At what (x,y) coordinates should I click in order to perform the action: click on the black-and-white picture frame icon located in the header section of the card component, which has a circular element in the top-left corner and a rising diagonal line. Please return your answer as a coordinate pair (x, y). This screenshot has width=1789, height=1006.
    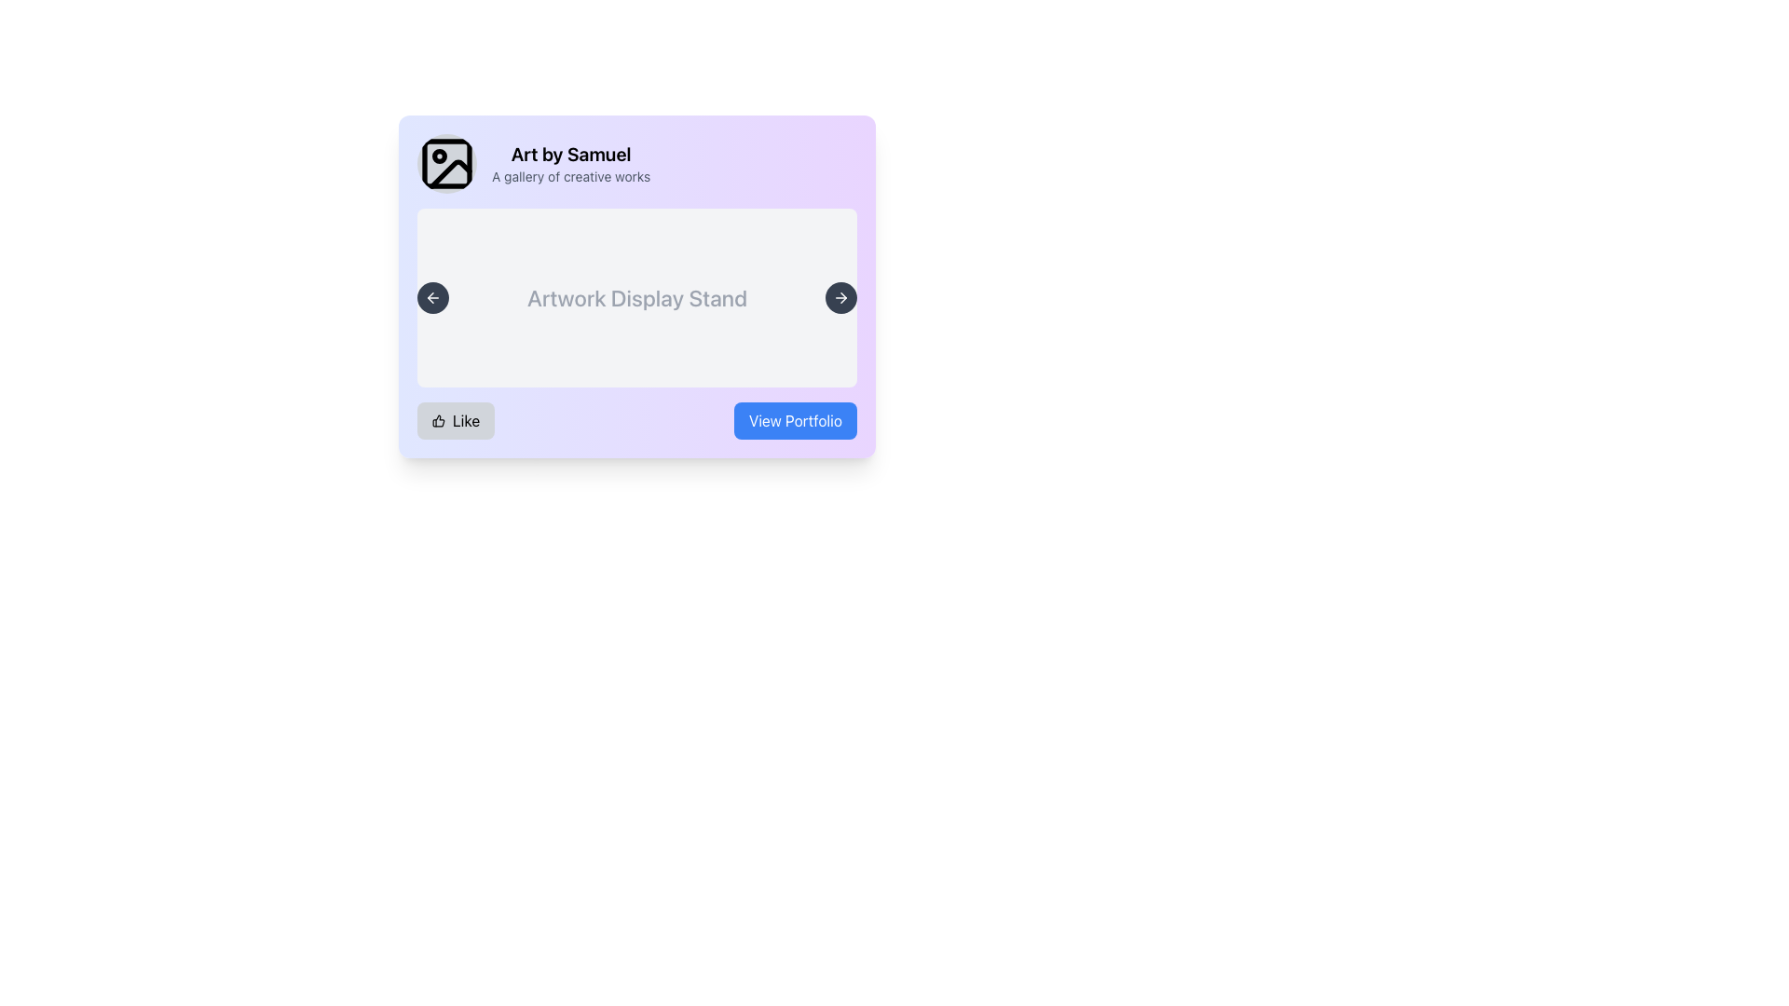
    Looking at the image, I should click on (447, 163).